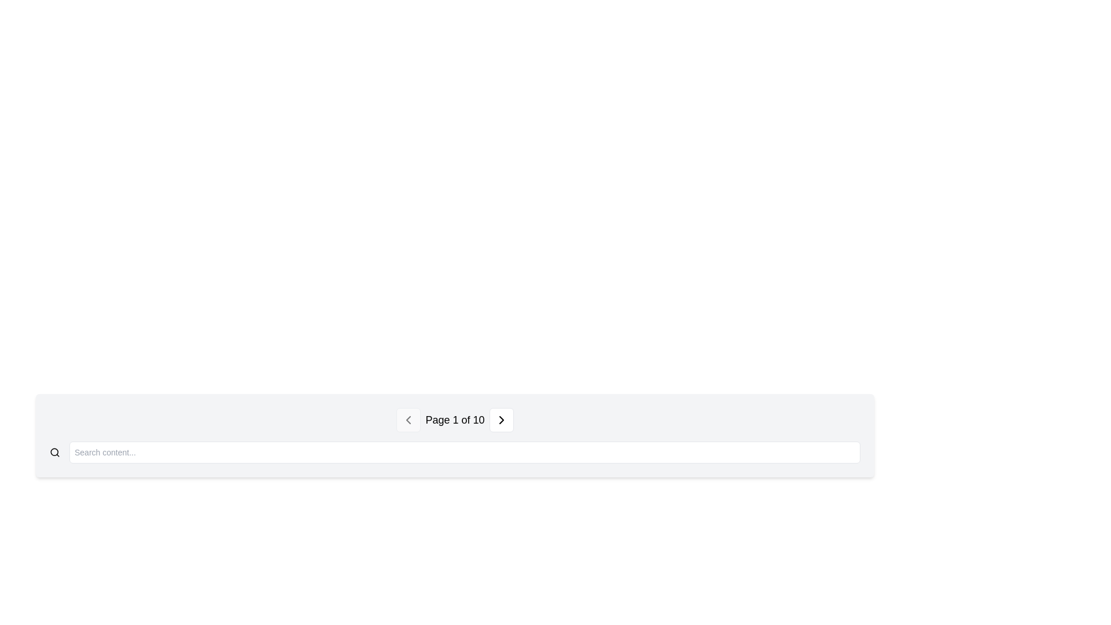 The width and height of the screenshot is (1111, 625). Describe the element at coordinates (54, 452) in the screenshot. I see `the magnifying glass icon to initiate a search, which is located to the left of the search text input field` at that location.